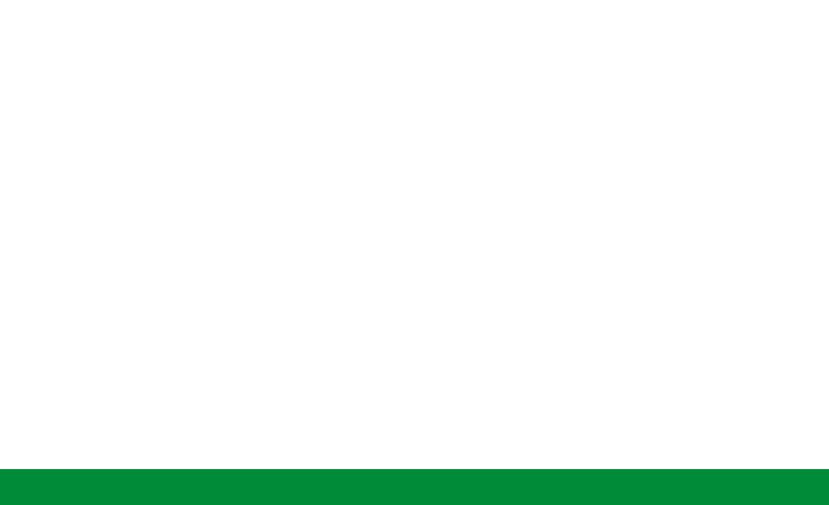 The height and width of the screenshot is (505, 829). Describe the element at coordinates (418, 331) in the screenshot. I see `'Commonly used in below-grade applications.'` at that location.